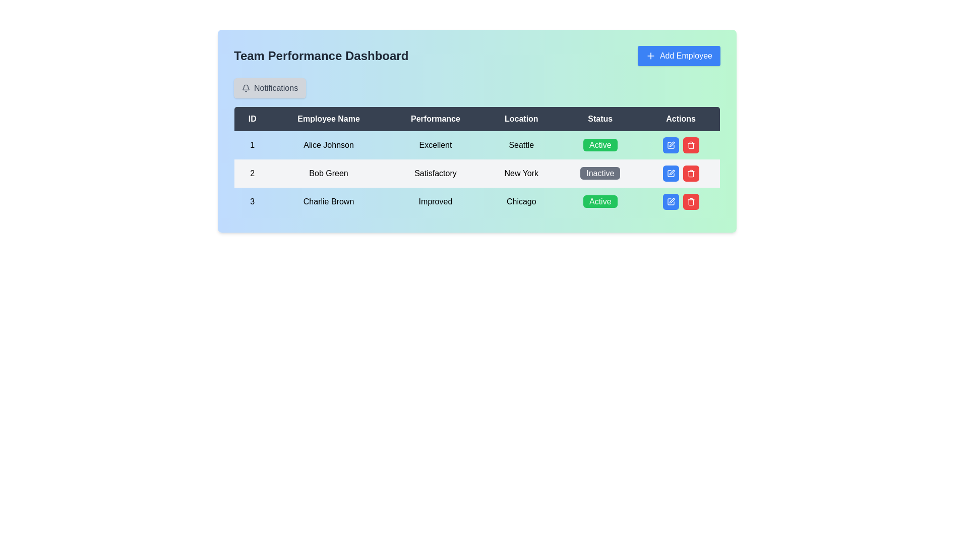 The image size is (968, 545). Describe the element at coordinates (252, 173) in the screenshot. I see `the text label displaying the numeral '2' in the first cell of the second row under the 'ID' column of the data table` at that location.